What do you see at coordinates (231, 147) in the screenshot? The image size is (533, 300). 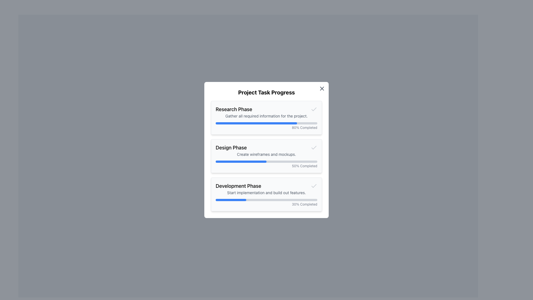 I see `the 'Design Phase' text label, which is displayed in a bold, medium-sized font within the second section of three grouped cards in a modal window` at bounding box center [231, 147].